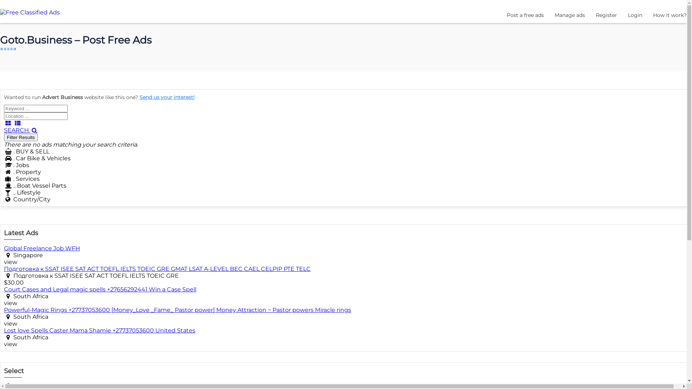 This screenshot has width=692, height=389. Describe the element at coordinates (569, 15) in the screenshot. I see `'Manage ads'` at that location.